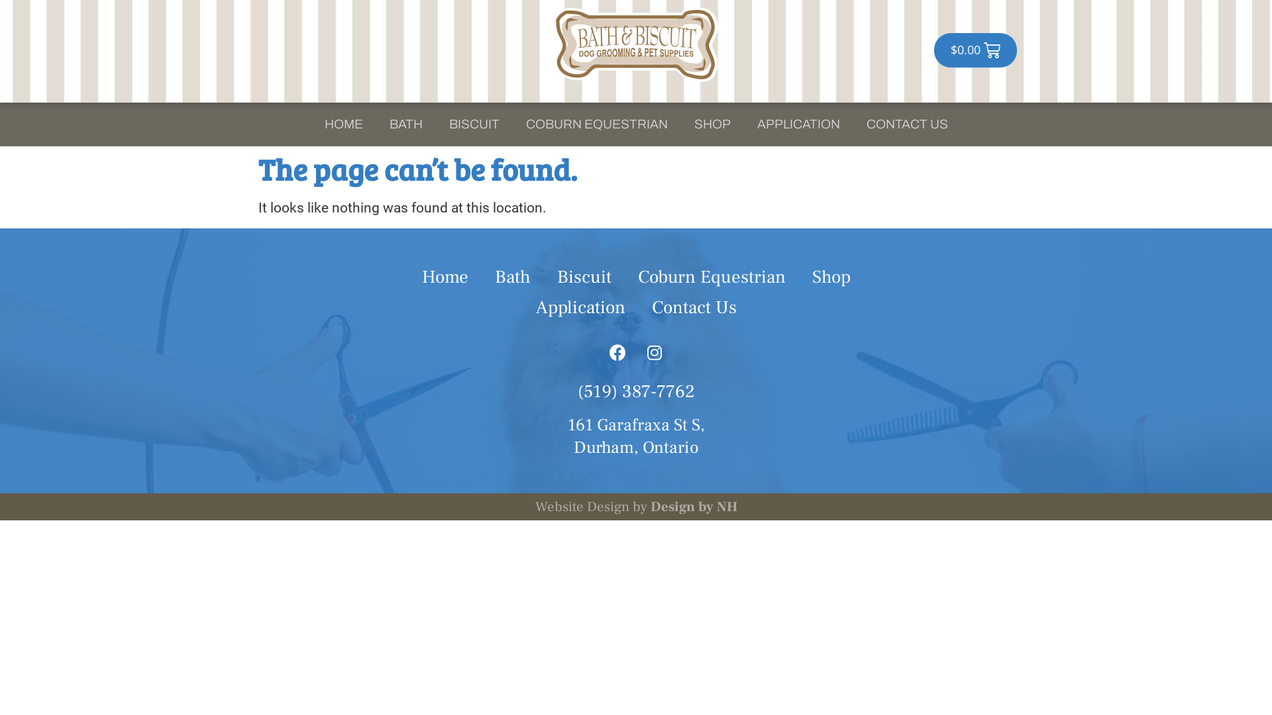 This screenshot has height=715, width=1272. What do you see at coordinates (797, 124) in the screenshot?
I see `'APPLICATION'` at bounding box center [797, 124].